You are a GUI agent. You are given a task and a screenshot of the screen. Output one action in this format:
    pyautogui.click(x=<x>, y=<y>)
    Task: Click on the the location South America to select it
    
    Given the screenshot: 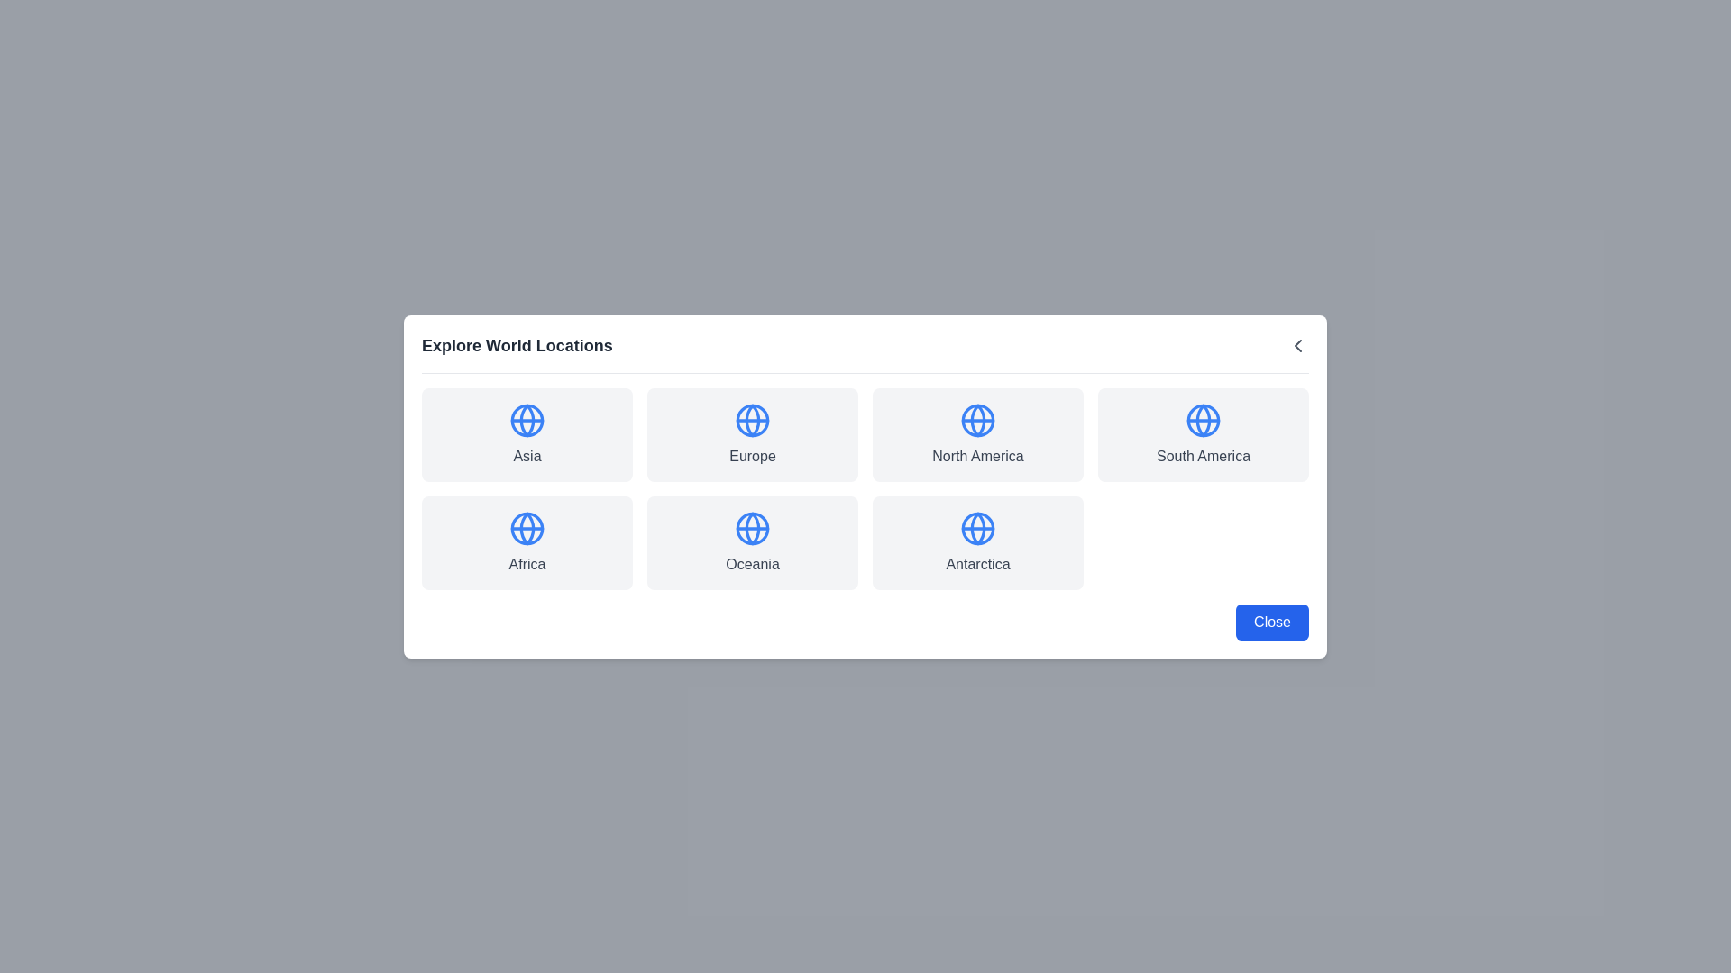 What is the action you would take?
    pyautogui.click(x=1203, y=434)
    